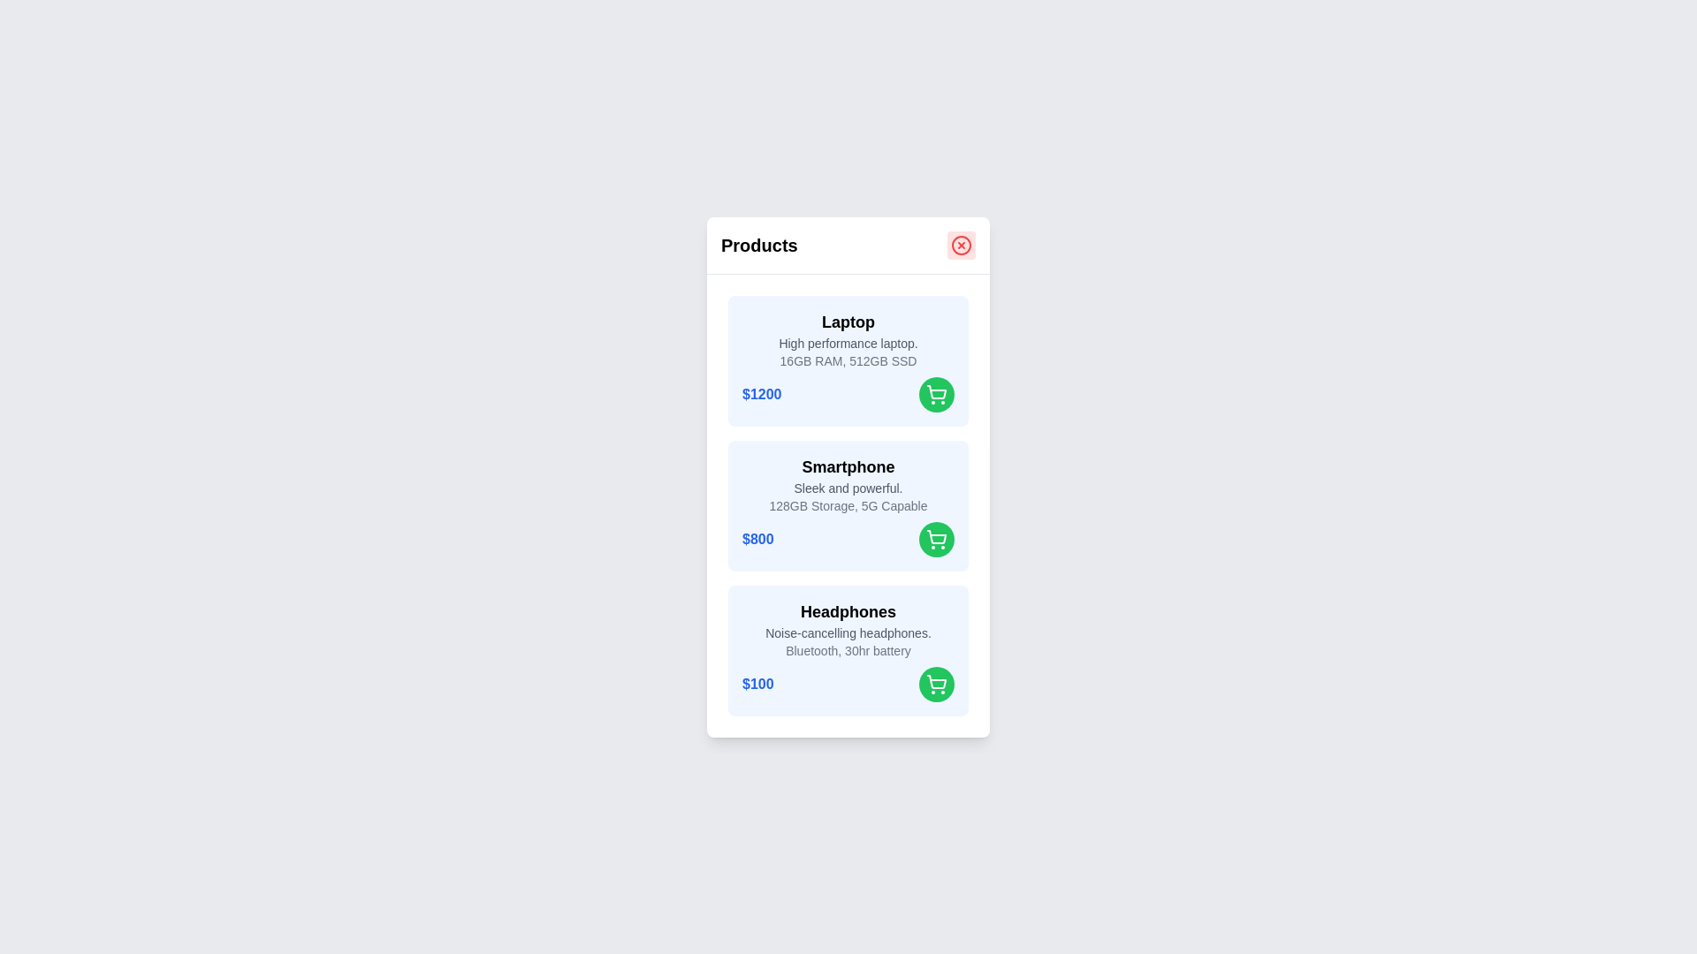 Image resolution: width=1697 pixels, height=954 pixels. I want to click on the price of the product Headphones, so click(757, 683).